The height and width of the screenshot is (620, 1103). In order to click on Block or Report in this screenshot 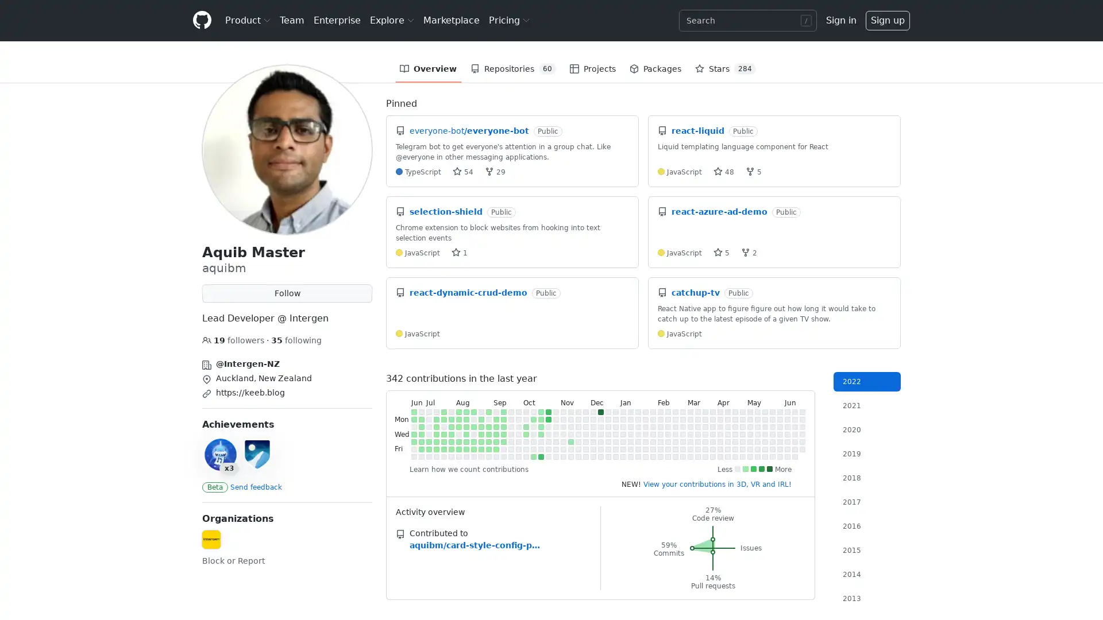, I will do `click(233, 560)`.